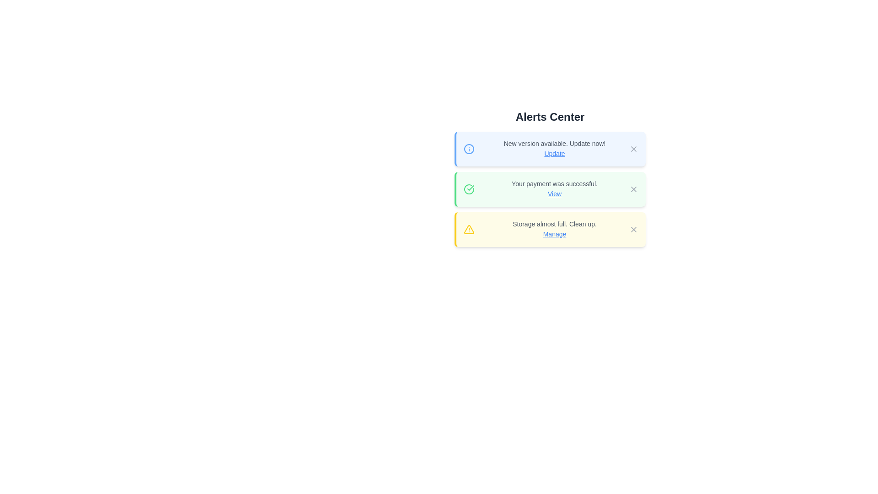 The width and height of the screenshot is (878, 494). What do you see at coordinates (554, 143) in the screenshot?
I see `the informative text label about the new version availability located at the top of the first notification card` at bounding box center [554, 143].